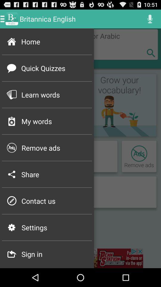 The image size is (161, 287). What do you see at coordinates (151, 53) in the screenshot?
I see `the x` at bounding box center [151, 53].